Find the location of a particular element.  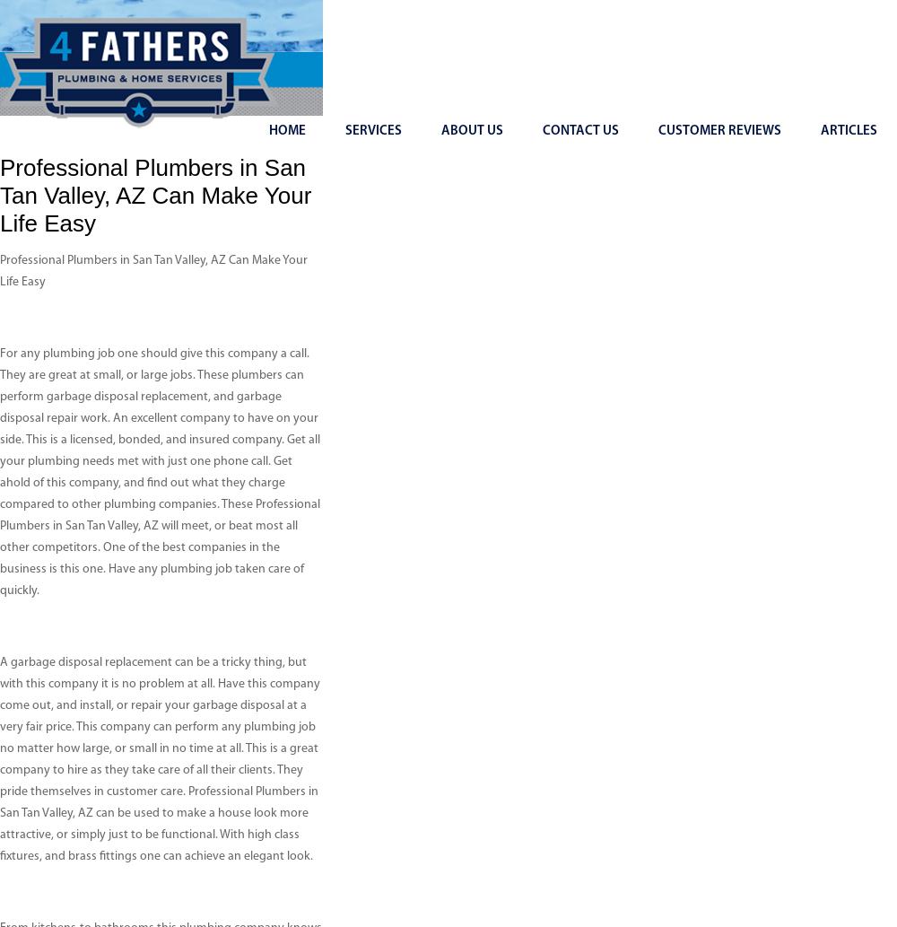

'Articles' is located at coordinates (848, 131).